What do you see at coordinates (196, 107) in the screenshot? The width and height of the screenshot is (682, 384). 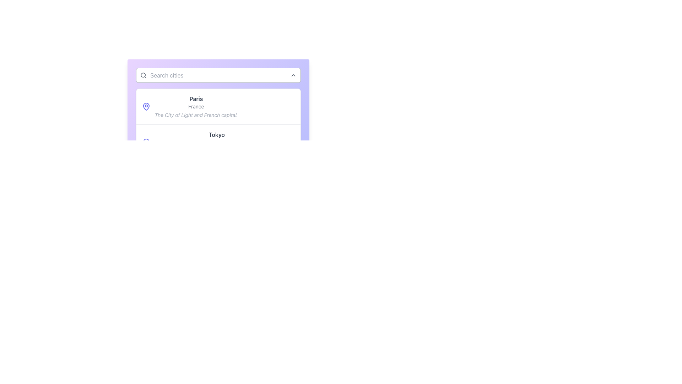 I see `the text label providing additional geographic information related to the city name 'Paris', which is located below 'Paris' and above 'The City of Light and French capital'` at bounding box center [196, 107].